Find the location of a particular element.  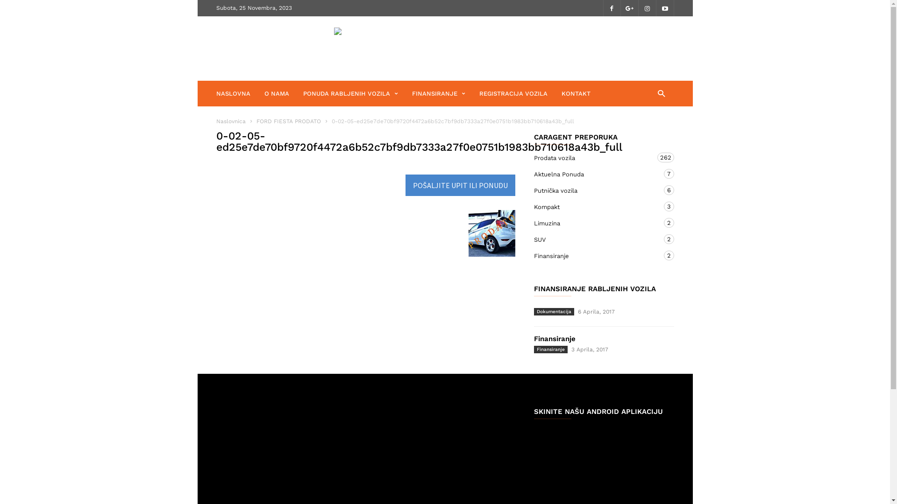

'NASLOVNA' is located at coordinates (240, 93).